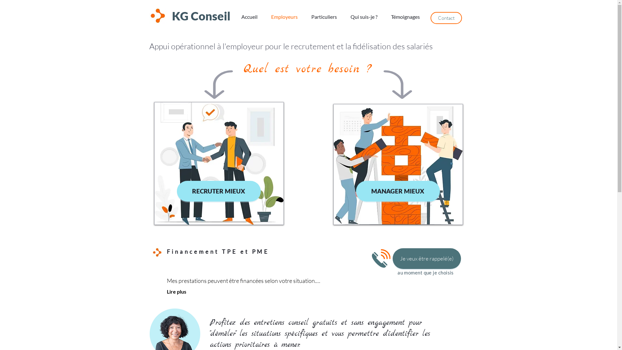 This screenshot has width=622, height=350. What do you see at coordinates (397, 191) in the screenshot?
I see `'MANAGER MIEUX'` at bounding box center [397, 191].